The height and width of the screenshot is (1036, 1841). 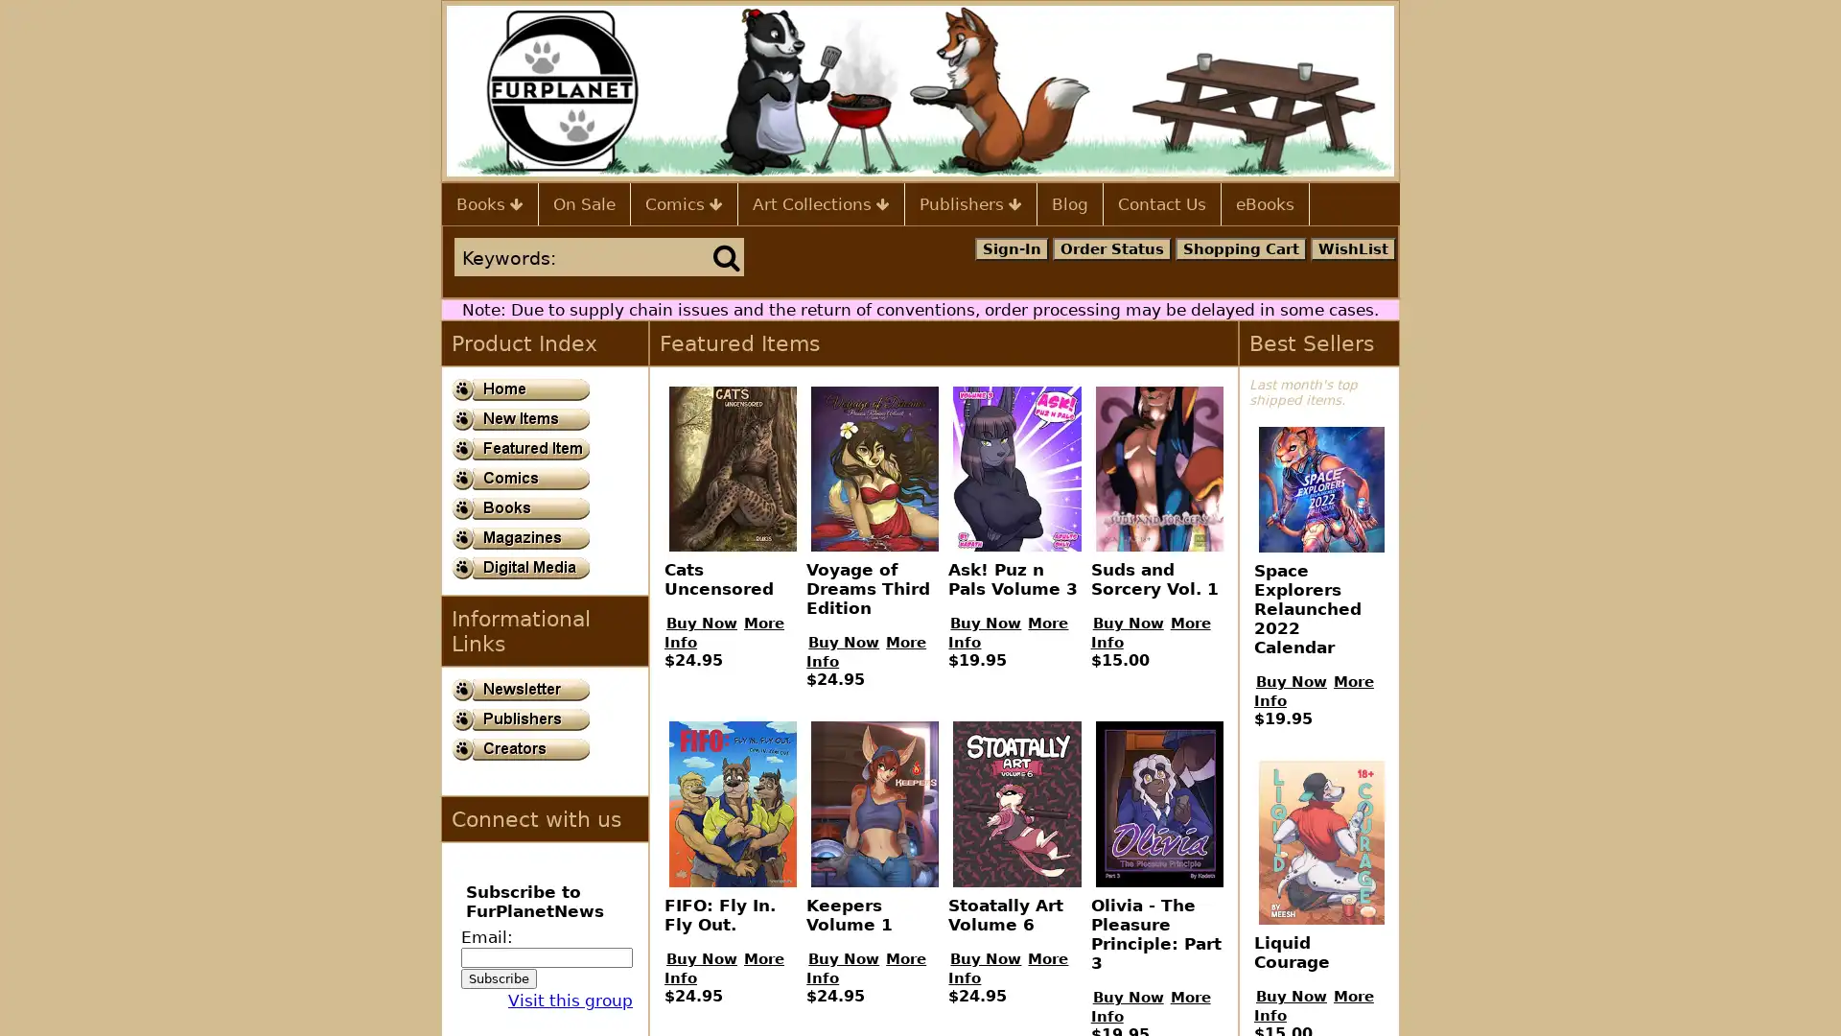 I want to click on Subscribe, so click(x=499, y=977).